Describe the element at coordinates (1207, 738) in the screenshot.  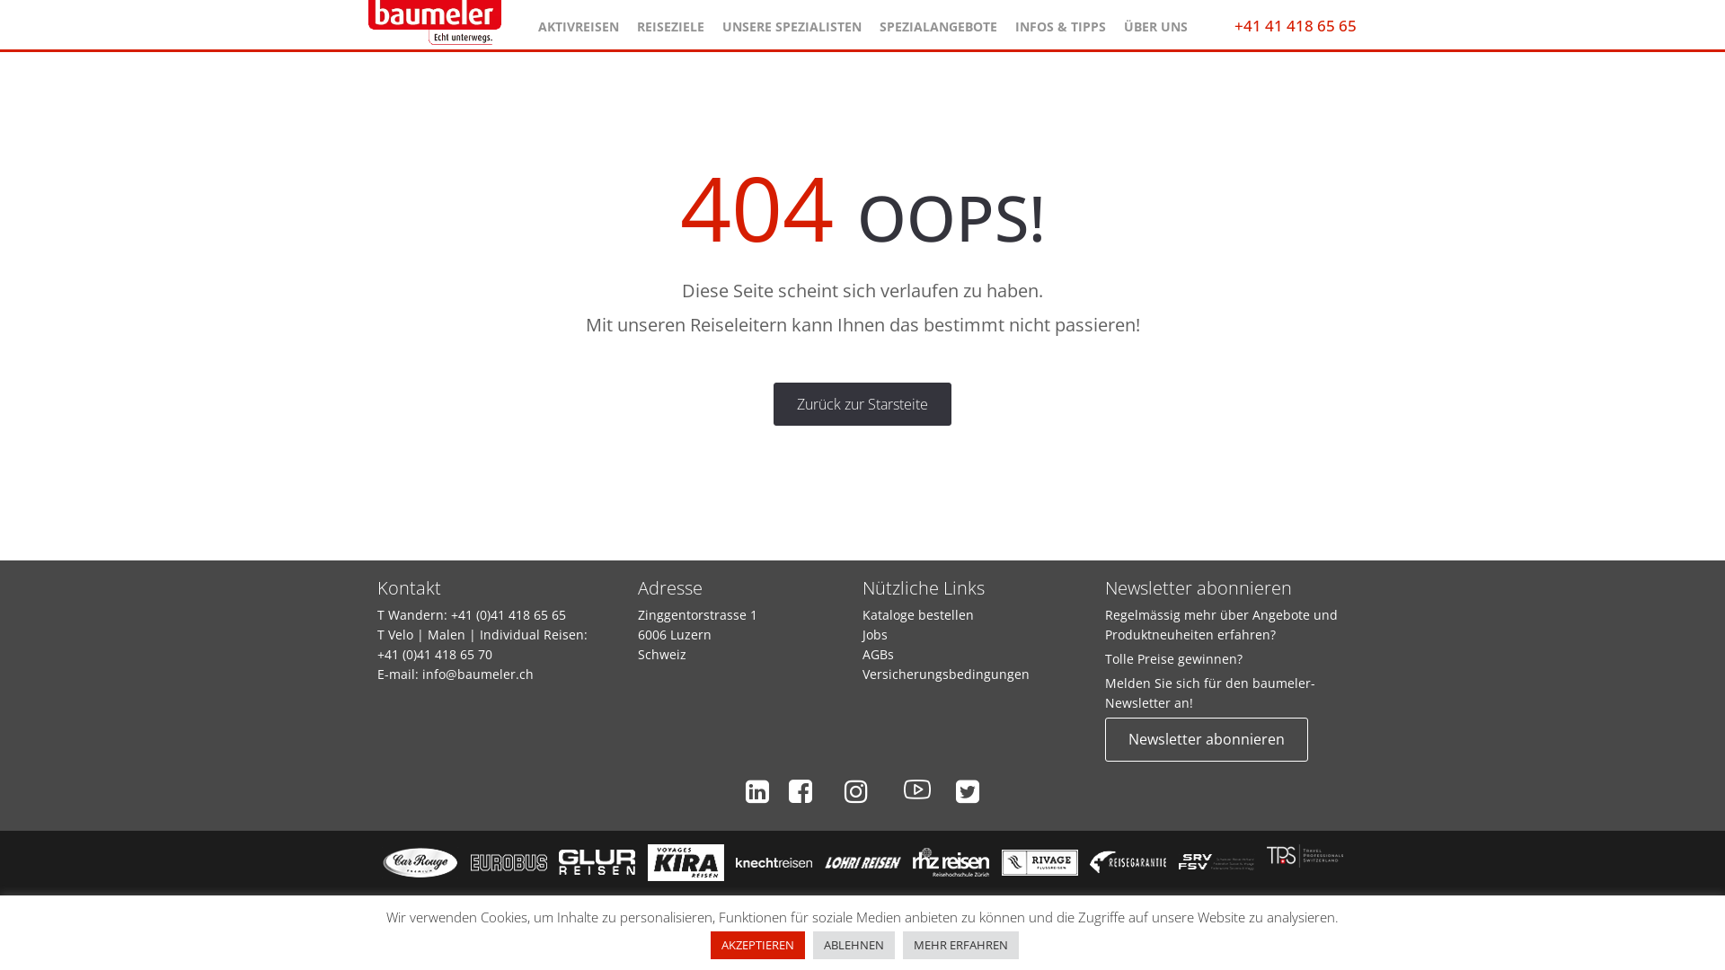
I see `'Newsletter abonnieren'` at that location.